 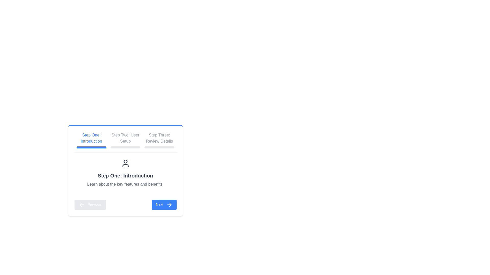 I want to click on the progress bar located directly below the text 'Step Two: User Setup', which is a rectangular bar with rounded edges and a light gray color, so click(x=125, y=147).